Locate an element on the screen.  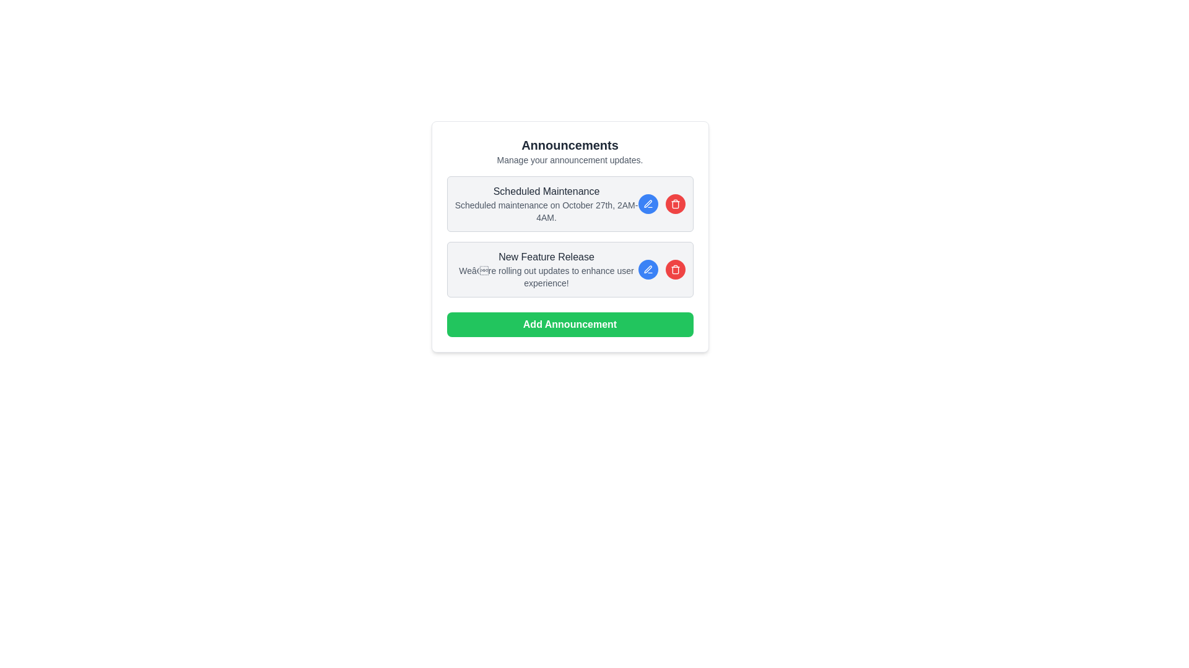
the delete button located to the right of the 'Scheduled Maintenance' tile to initiate deletion of the corresponding announcement is located at coordinates (674, 203).